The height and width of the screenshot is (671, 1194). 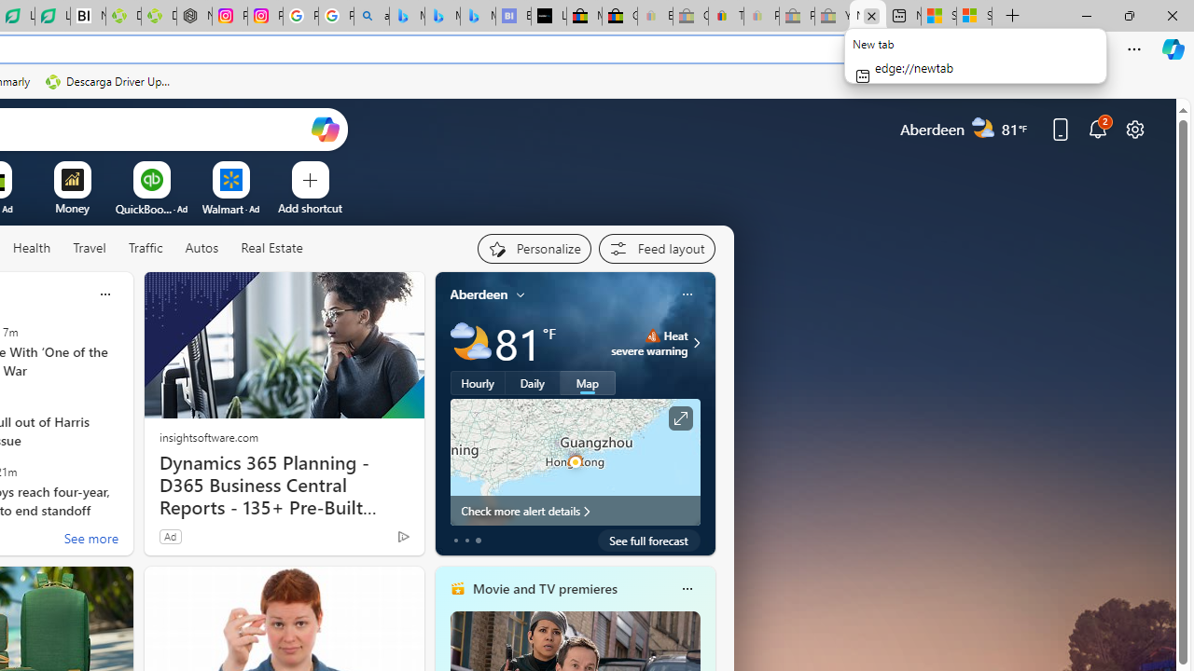 I want to click on 'Check more alert details', so click(x=574, y=510).